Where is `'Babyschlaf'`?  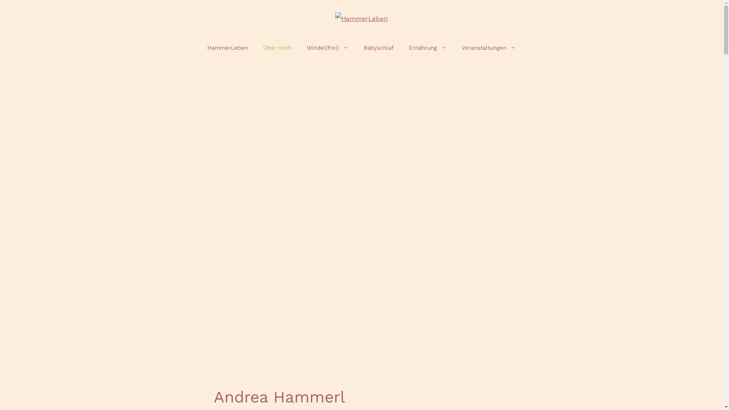 'Babyschlaf' is located at coordinates (379, 48).